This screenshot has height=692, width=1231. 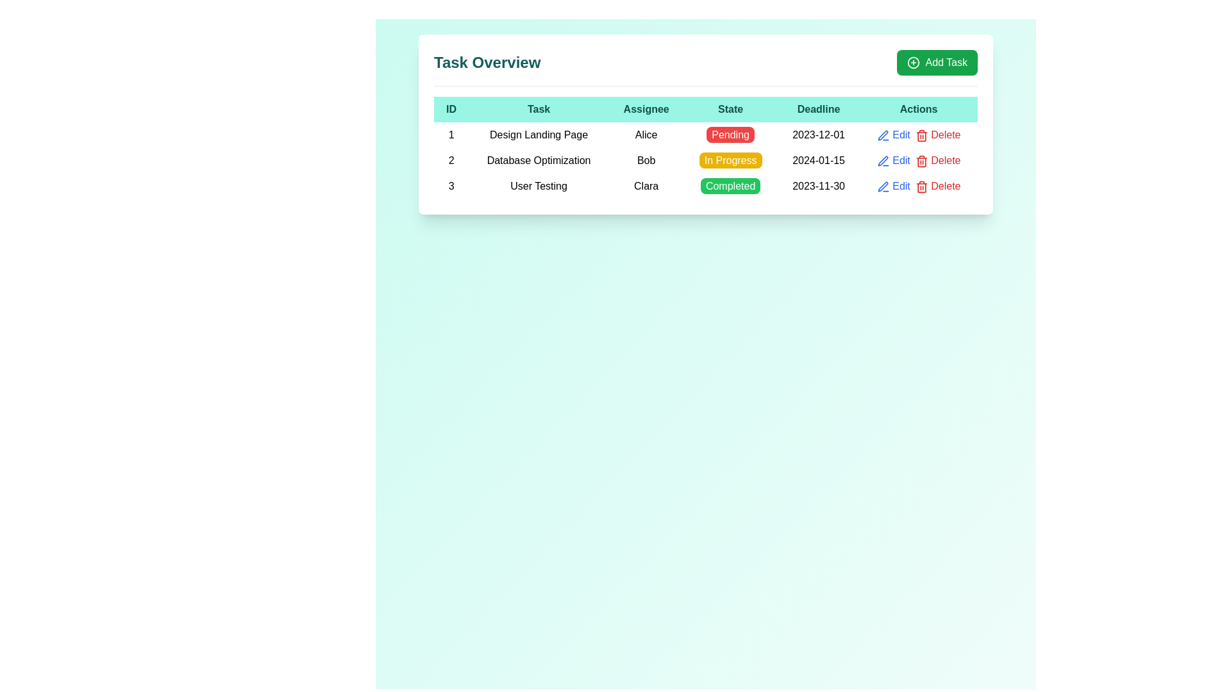 I want to click on the edit Anchor link paired with an icon in the Actions column of the second row of the table, so click(x=892, y=160).